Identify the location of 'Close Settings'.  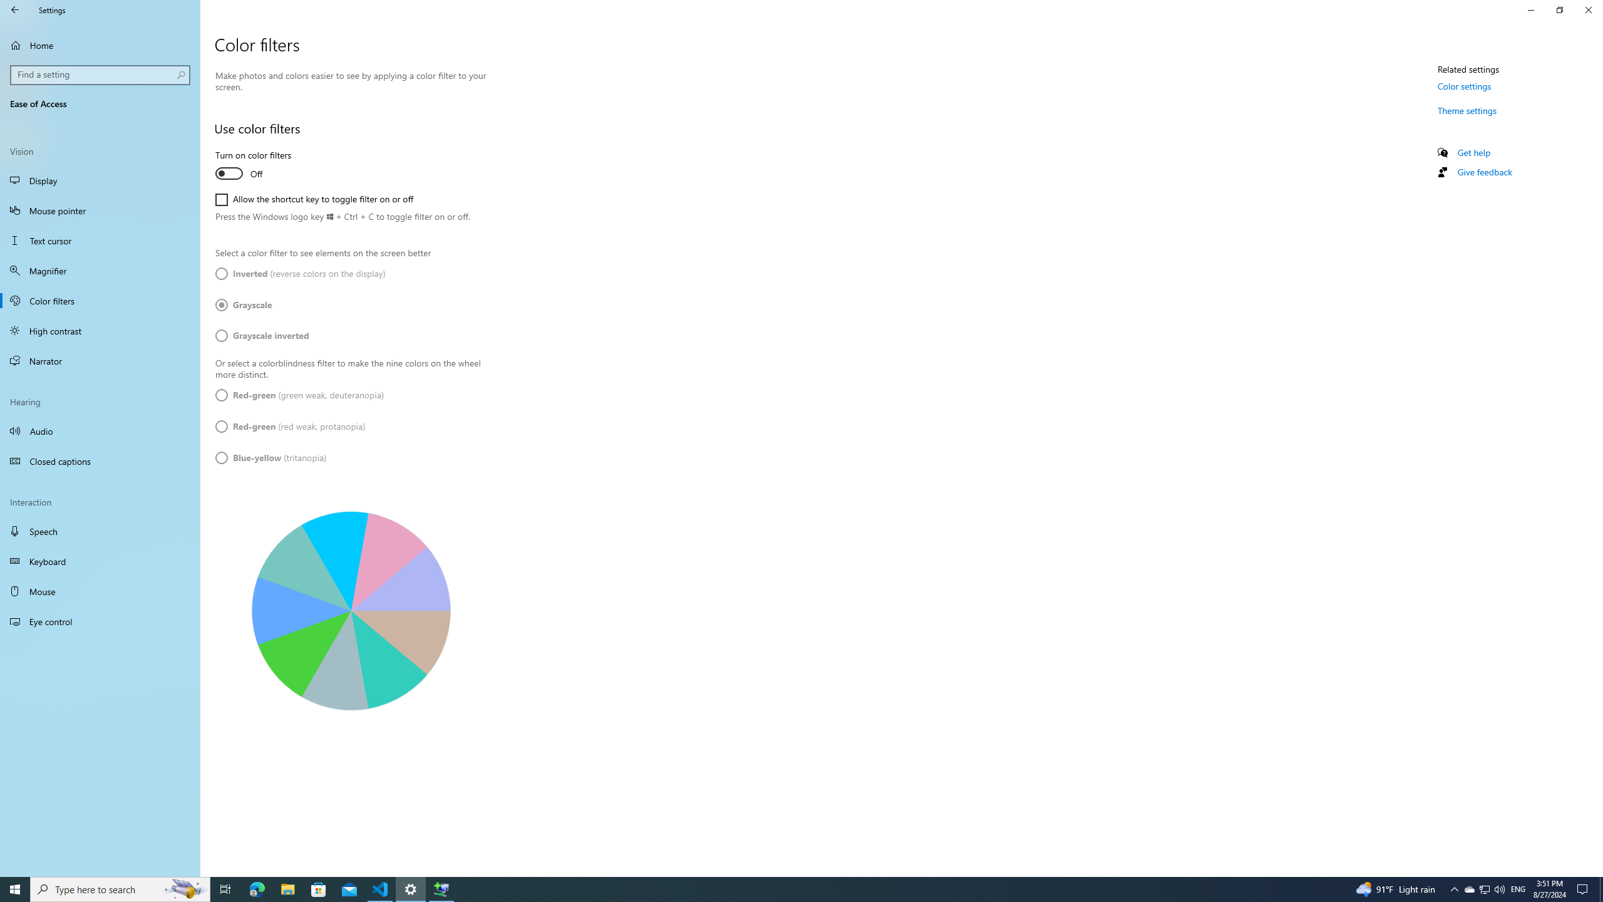
(1587, 9).